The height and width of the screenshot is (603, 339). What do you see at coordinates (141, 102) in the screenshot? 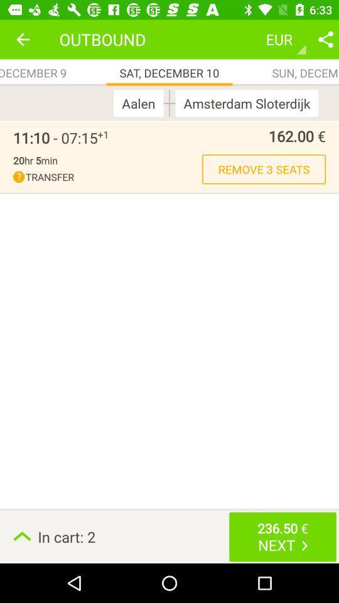
I see `app below the sat, december 10 app` at bounding box center [141, 102].